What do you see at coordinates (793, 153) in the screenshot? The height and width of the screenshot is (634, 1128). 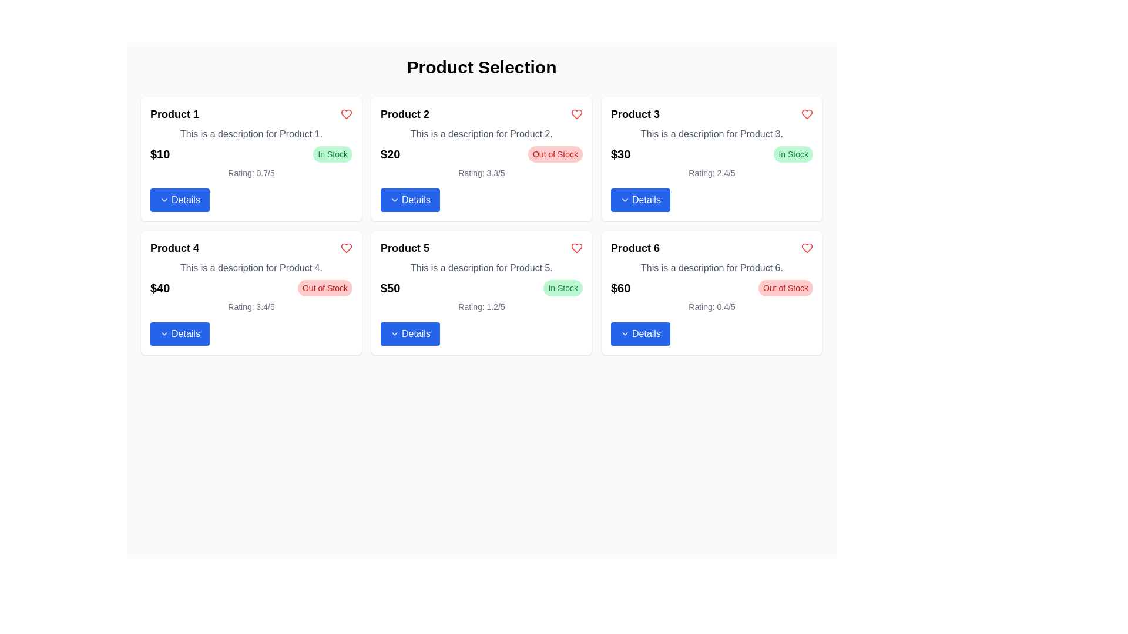 I see `the Status badge or label indicating the availability of the product in stock, located within the card titled 'Product 3' on the right side of the $30 price tag` at bounding box center [793, 153].